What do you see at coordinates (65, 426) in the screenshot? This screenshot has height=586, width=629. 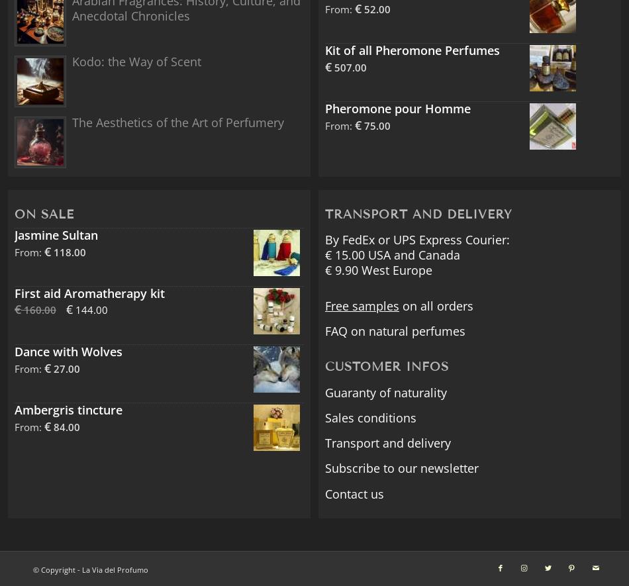 I see `'84.00'` at bounding box center [65, 426].